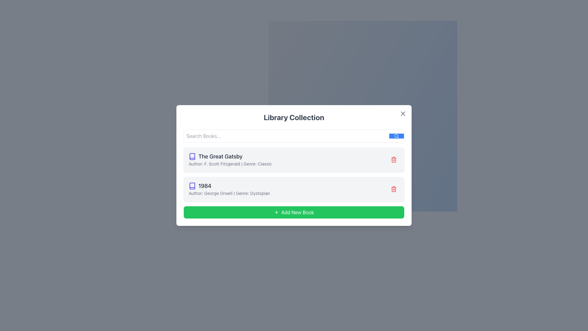 Image resolution: width=588 pixels, height=331 pixels. I want to click on the close button represented by an 'X' in gray color located in the top-right corner of the 'Library Collection' modal to activate hover effects, so click(403, 113).